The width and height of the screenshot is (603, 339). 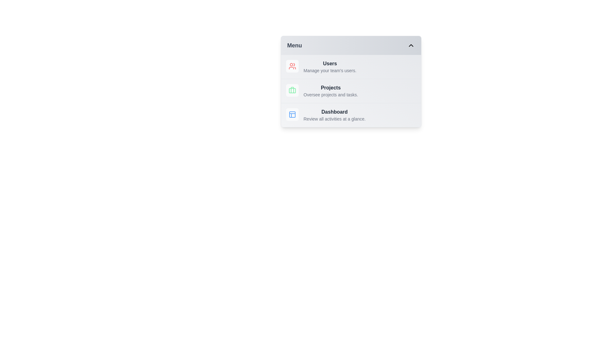 I want to click on the menu item Dashboard, so click(x=350, y=115).